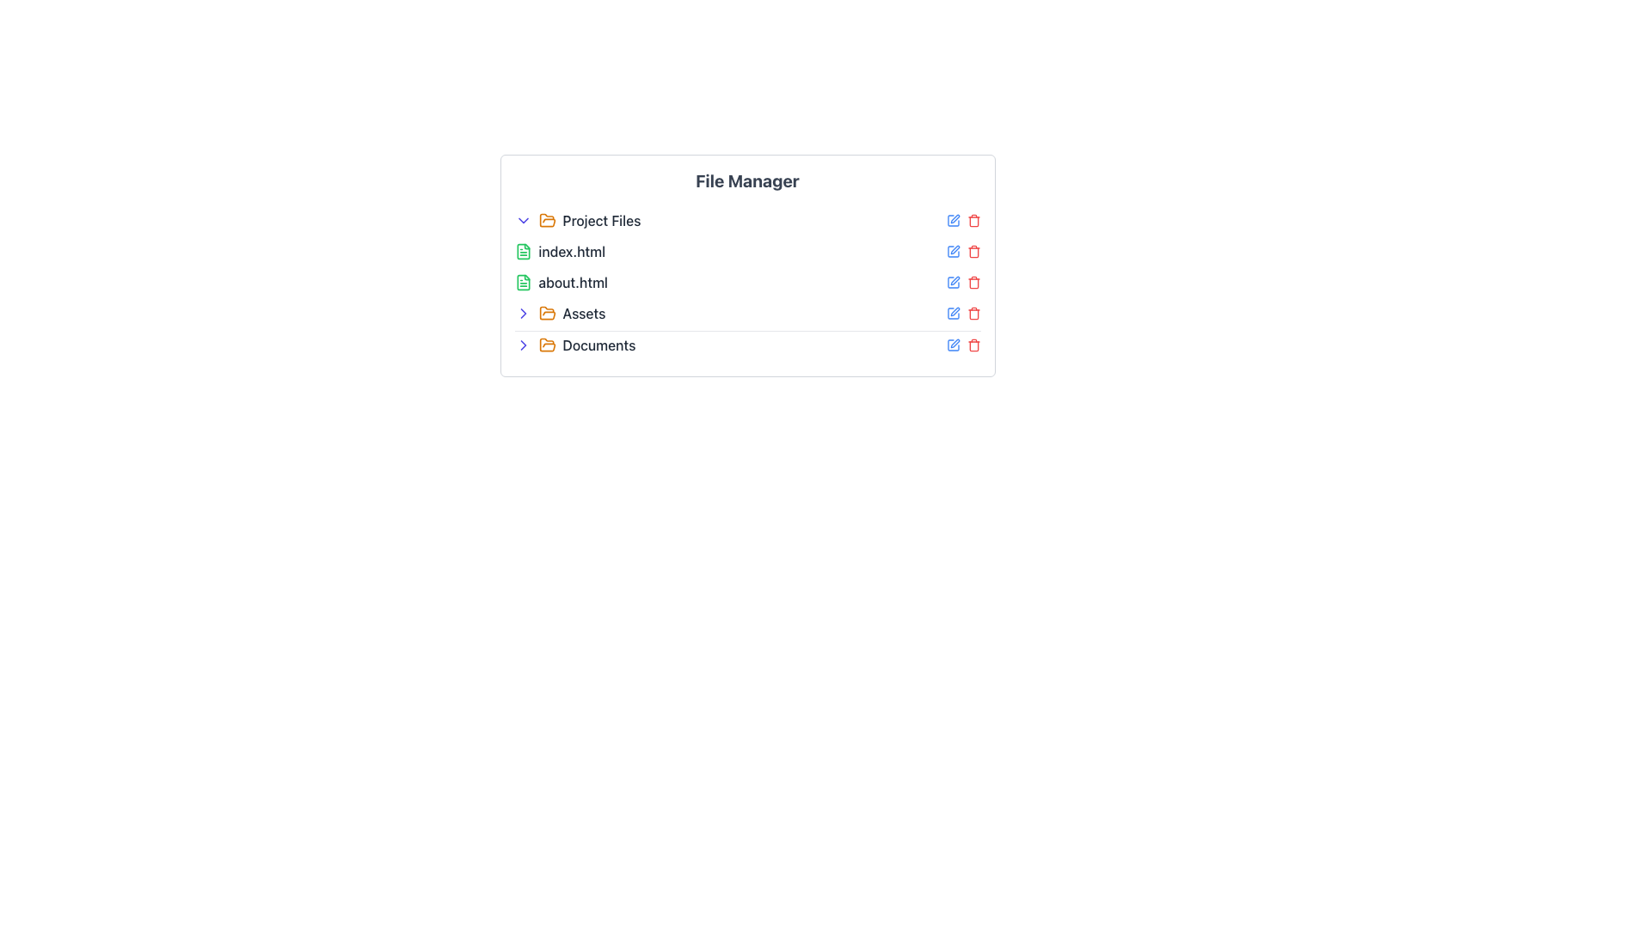  Describe the element at coordinates (954, 344) in the screenshot. I see `the pen-shaped outline icon associated with the 'Documents' entry in the file manager's context menu` at that location.